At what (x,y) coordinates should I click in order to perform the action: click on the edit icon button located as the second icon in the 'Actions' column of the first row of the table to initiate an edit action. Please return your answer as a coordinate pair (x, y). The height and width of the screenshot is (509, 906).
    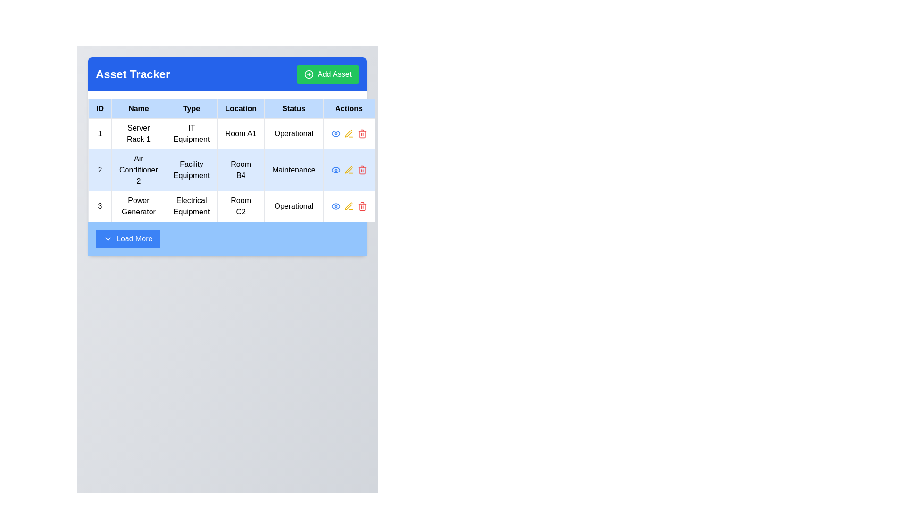
    Looking at the image, I should click on (348, 134).